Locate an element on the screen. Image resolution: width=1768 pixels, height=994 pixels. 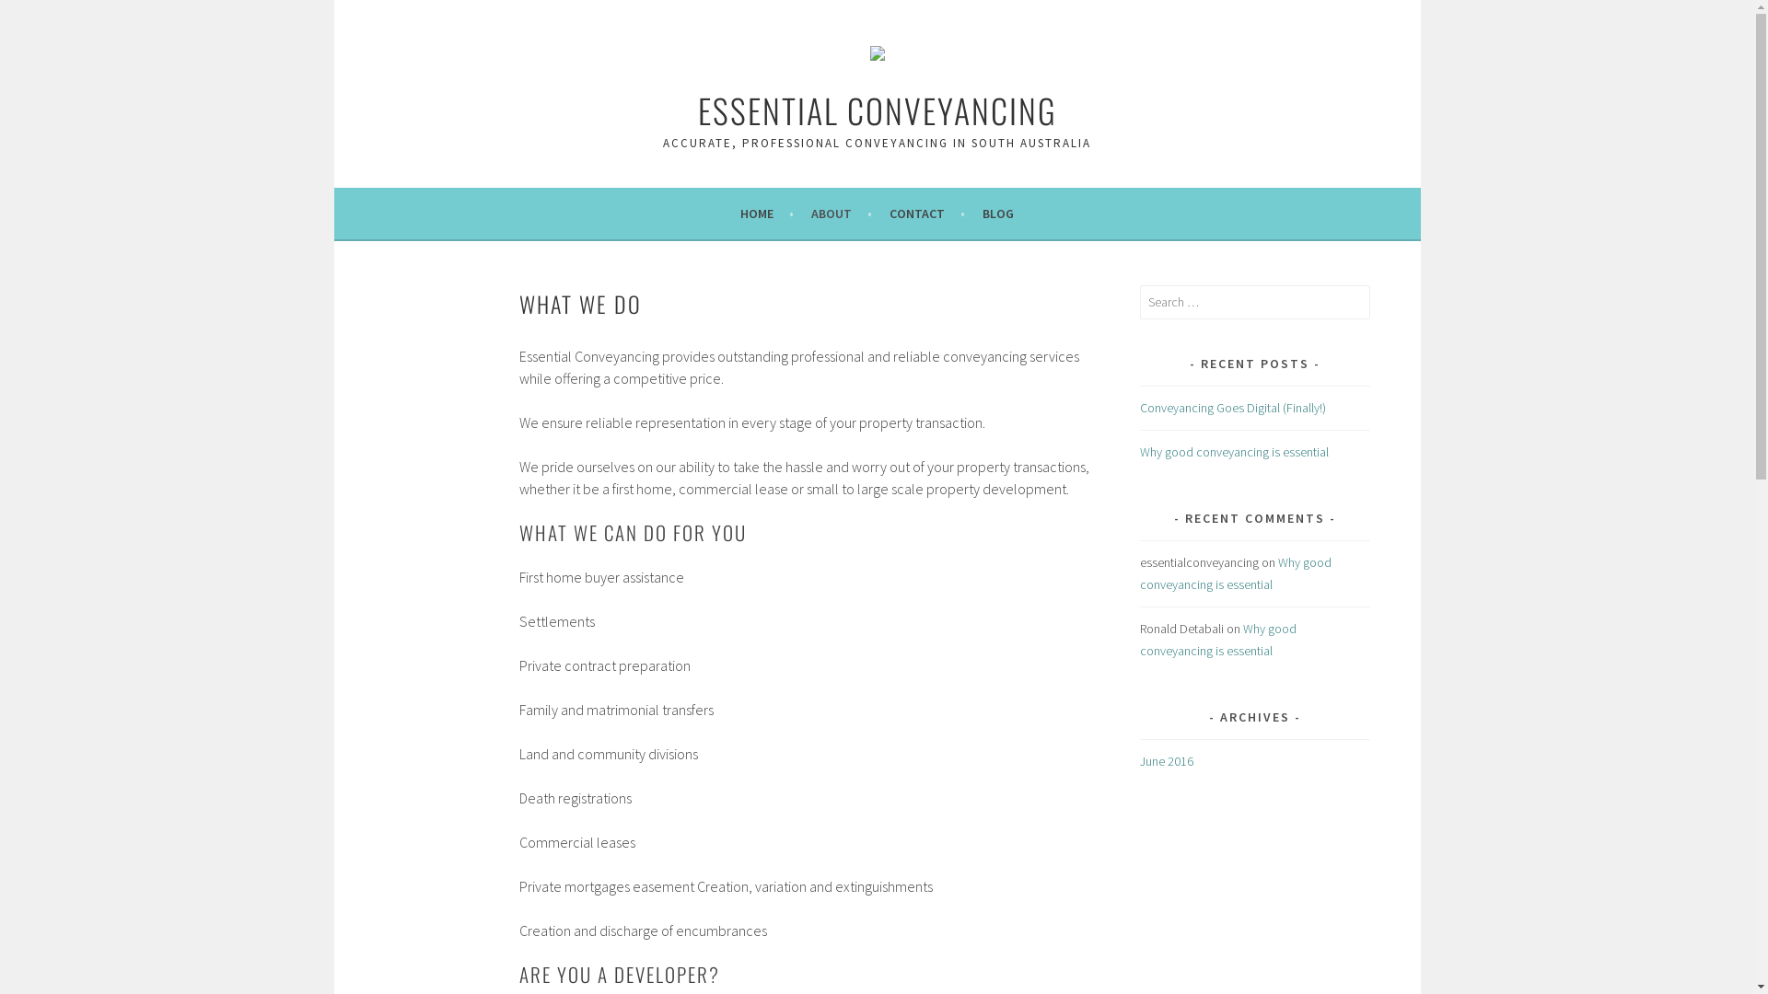
'Conveyancing Goes Digital (Finally!)' is located at coordinates (1233, 407).